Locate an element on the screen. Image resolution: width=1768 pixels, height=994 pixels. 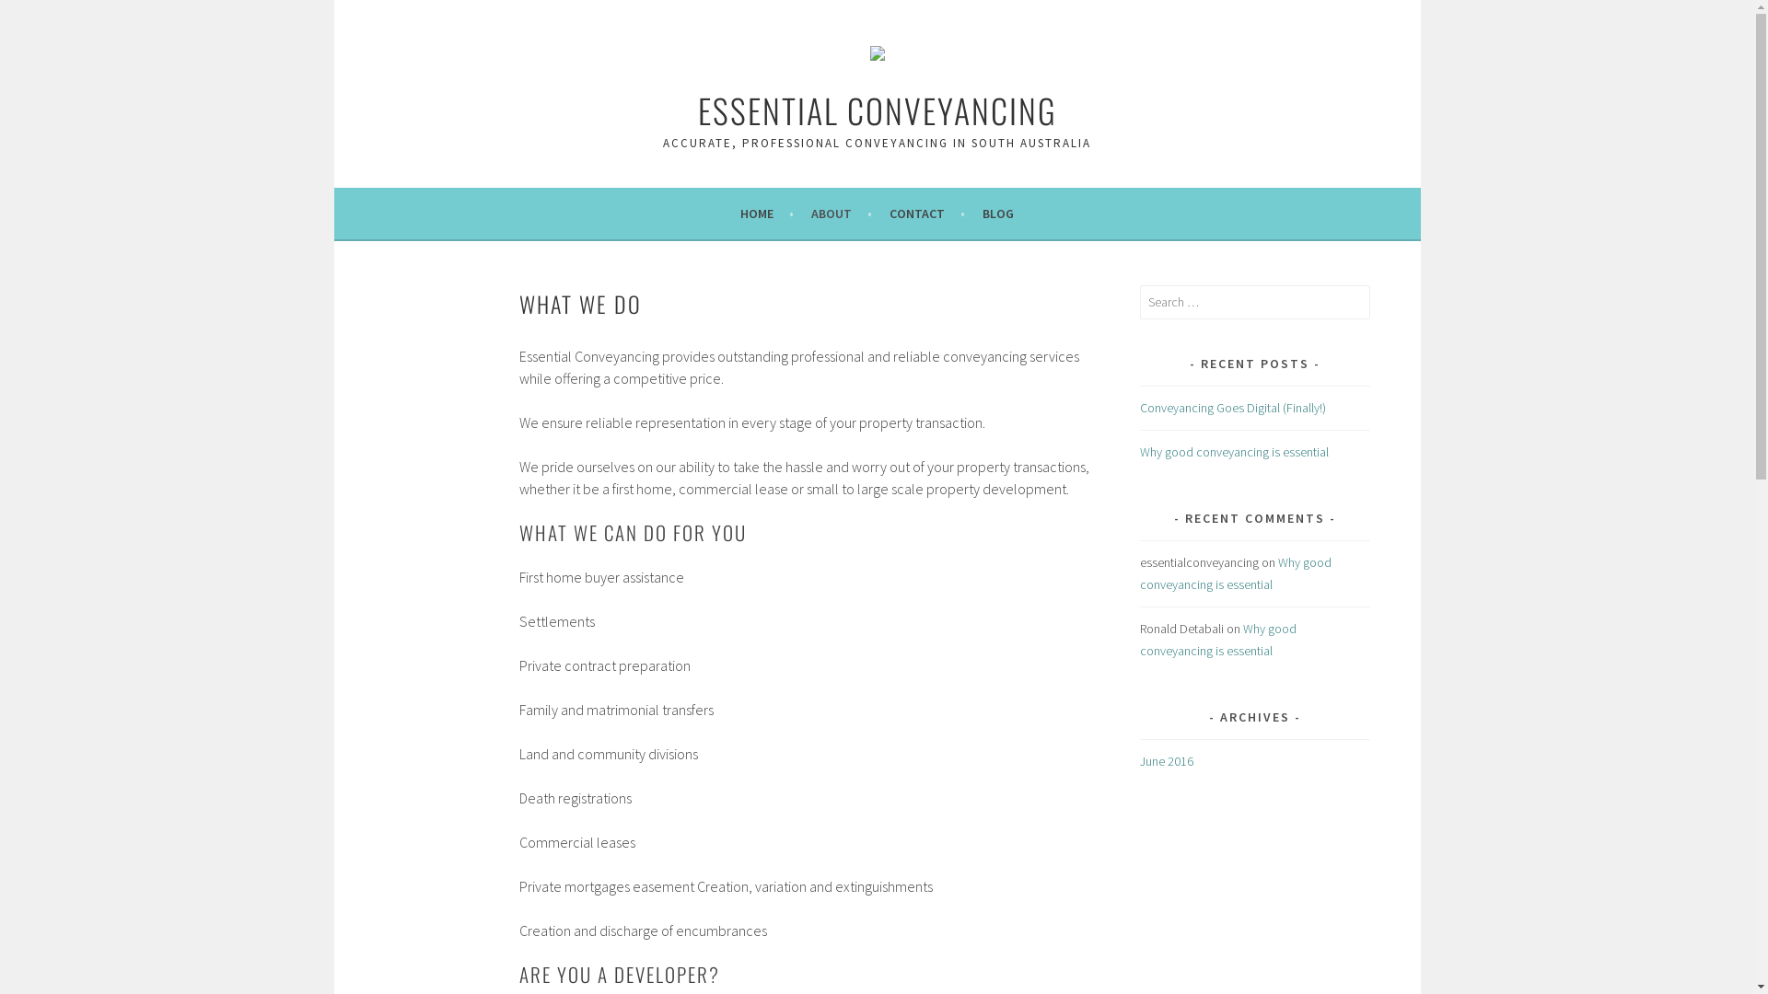
'Conveyancing Goes Digital (Finally!)' is located at coordinates (1233, 407).